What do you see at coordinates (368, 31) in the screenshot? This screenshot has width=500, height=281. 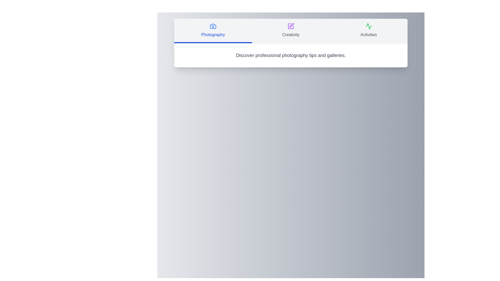 I see `the tab labeled Activities` at bounding box center [368, 31].